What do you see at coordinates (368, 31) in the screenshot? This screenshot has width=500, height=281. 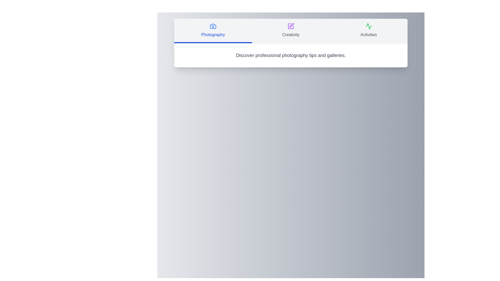 I see `the tab labeled Activities` at bounding box center [368, 31].